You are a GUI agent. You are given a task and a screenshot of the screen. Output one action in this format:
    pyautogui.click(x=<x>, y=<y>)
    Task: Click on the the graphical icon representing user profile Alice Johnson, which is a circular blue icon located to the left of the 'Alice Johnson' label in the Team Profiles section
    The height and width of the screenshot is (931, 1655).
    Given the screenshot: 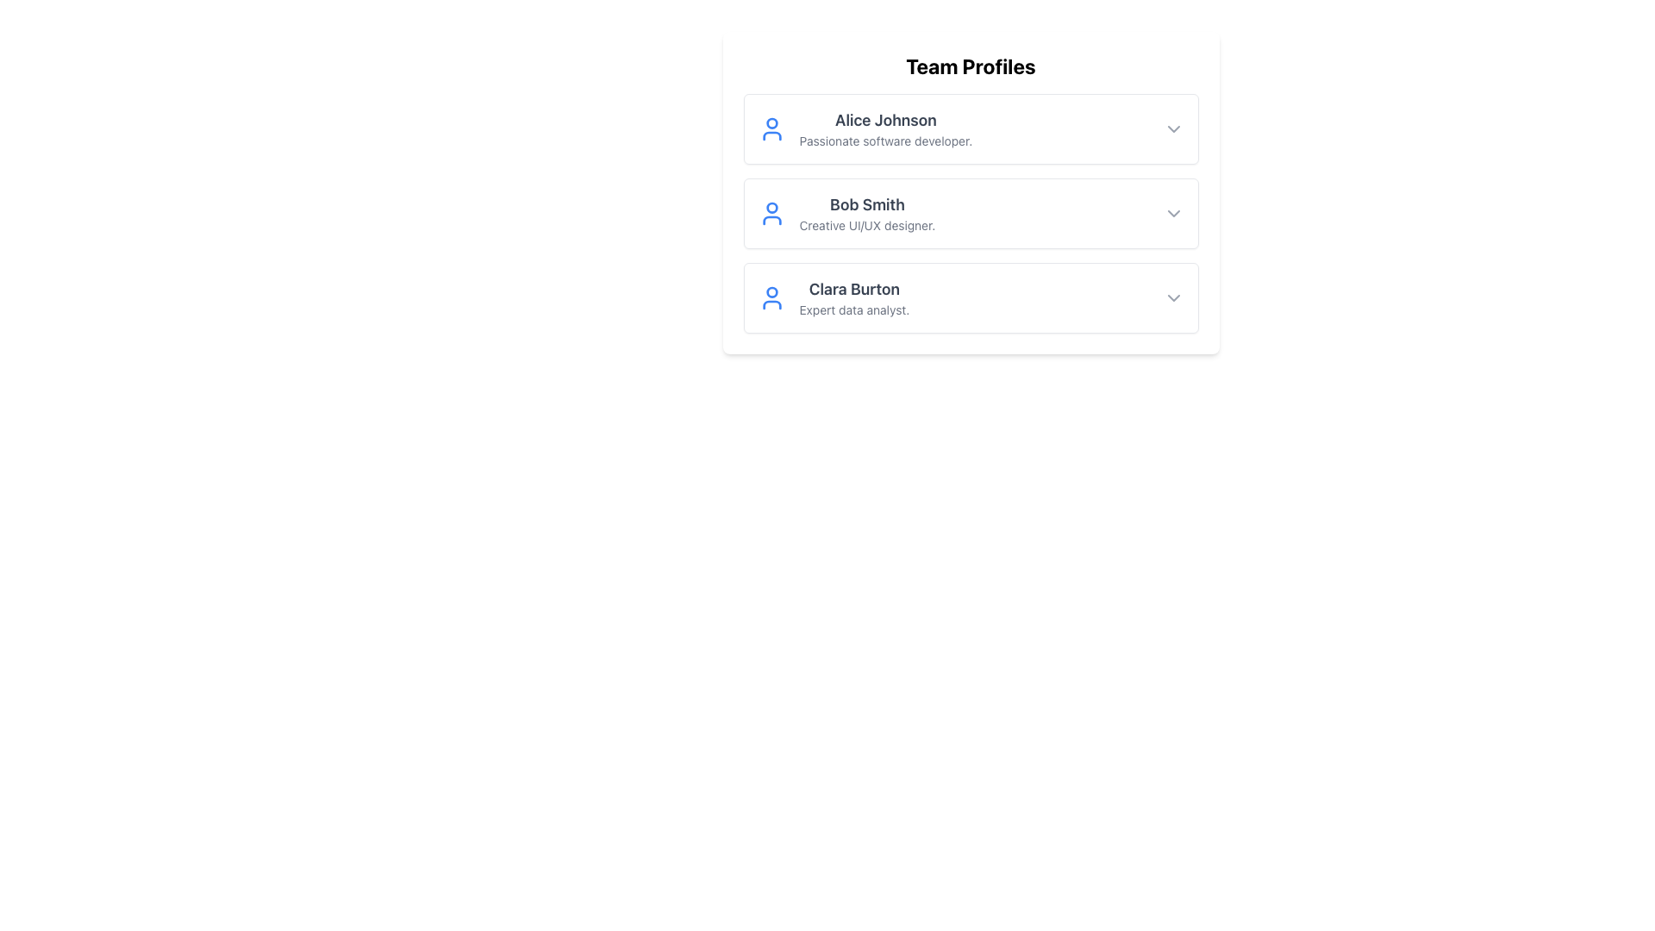 What is the action you would take?
    pyautogui.click(x=771, y=122)
    